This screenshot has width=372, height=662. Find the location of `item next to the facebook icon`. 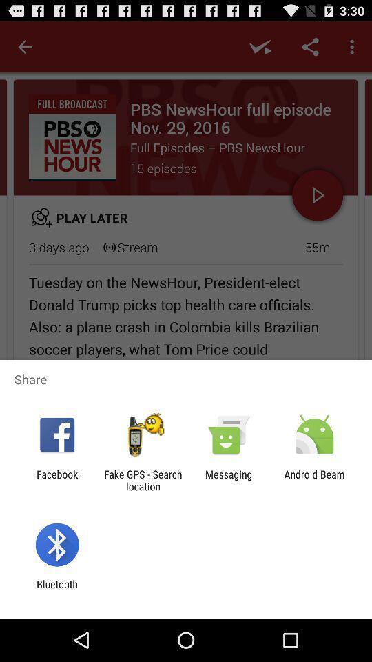

item next to the facebook icon is located at coordinates (142, 480).